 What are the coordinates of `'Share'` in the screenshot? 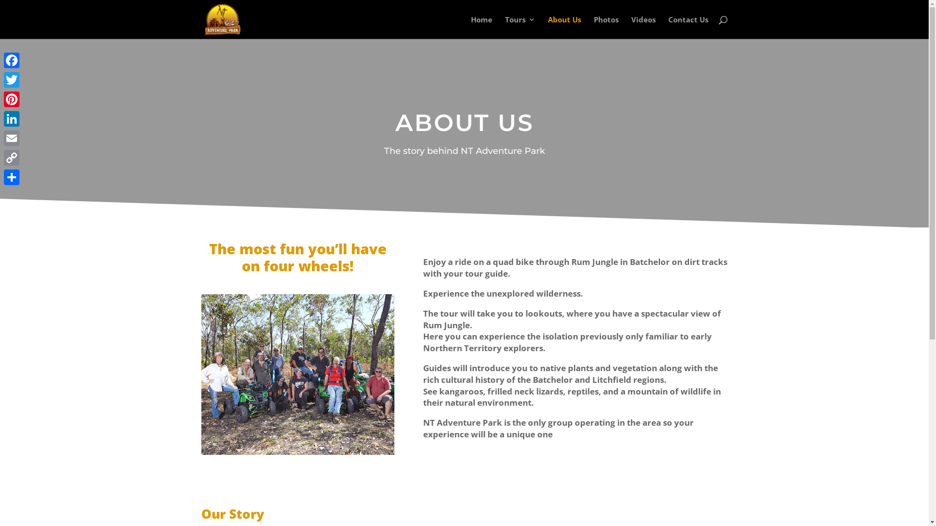 It's located at (12, 177).